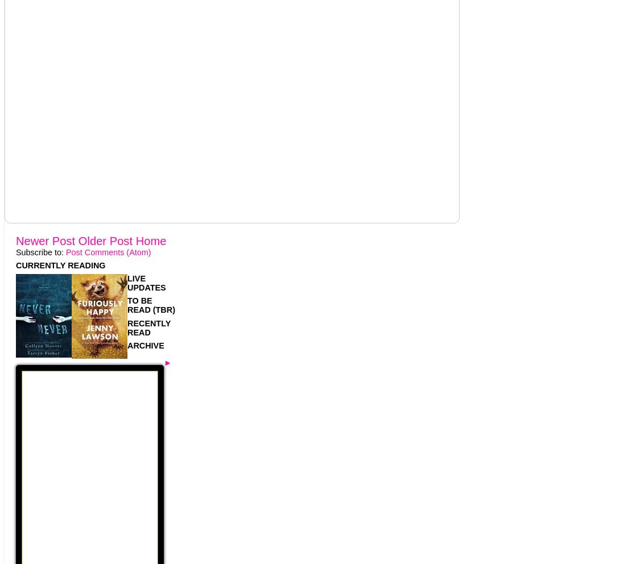 The image size is (619, 564). I want to click on 'RECENTLY READ', so click(127, 327).